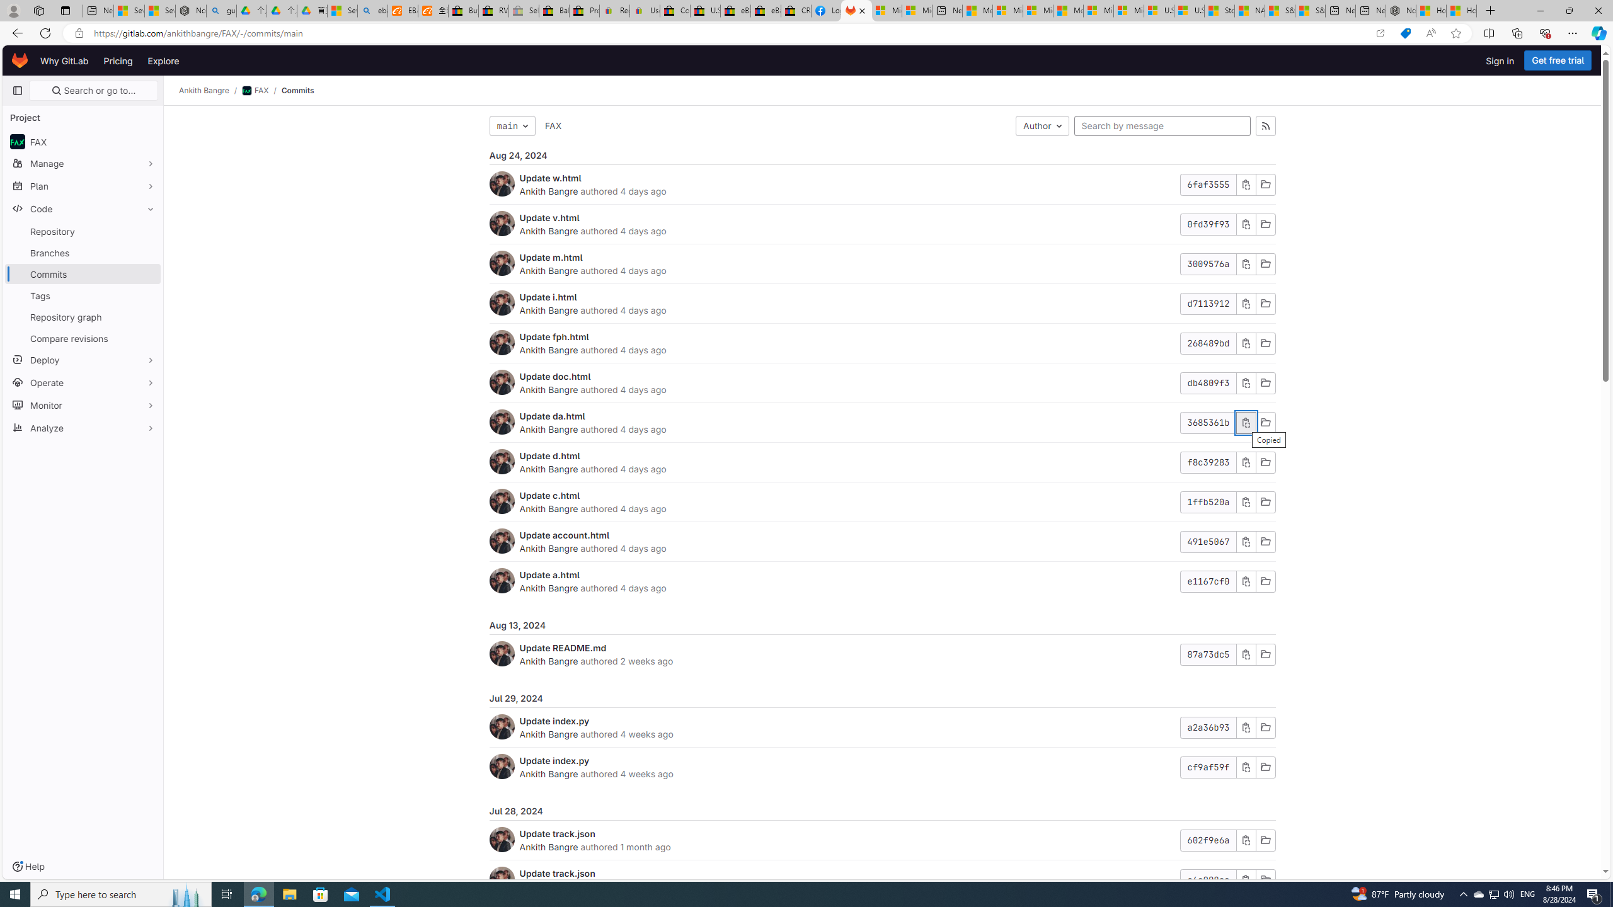  I want to click on 'U.S. State Privacy Disclosures - eBay Inc.', so click(706, 10).